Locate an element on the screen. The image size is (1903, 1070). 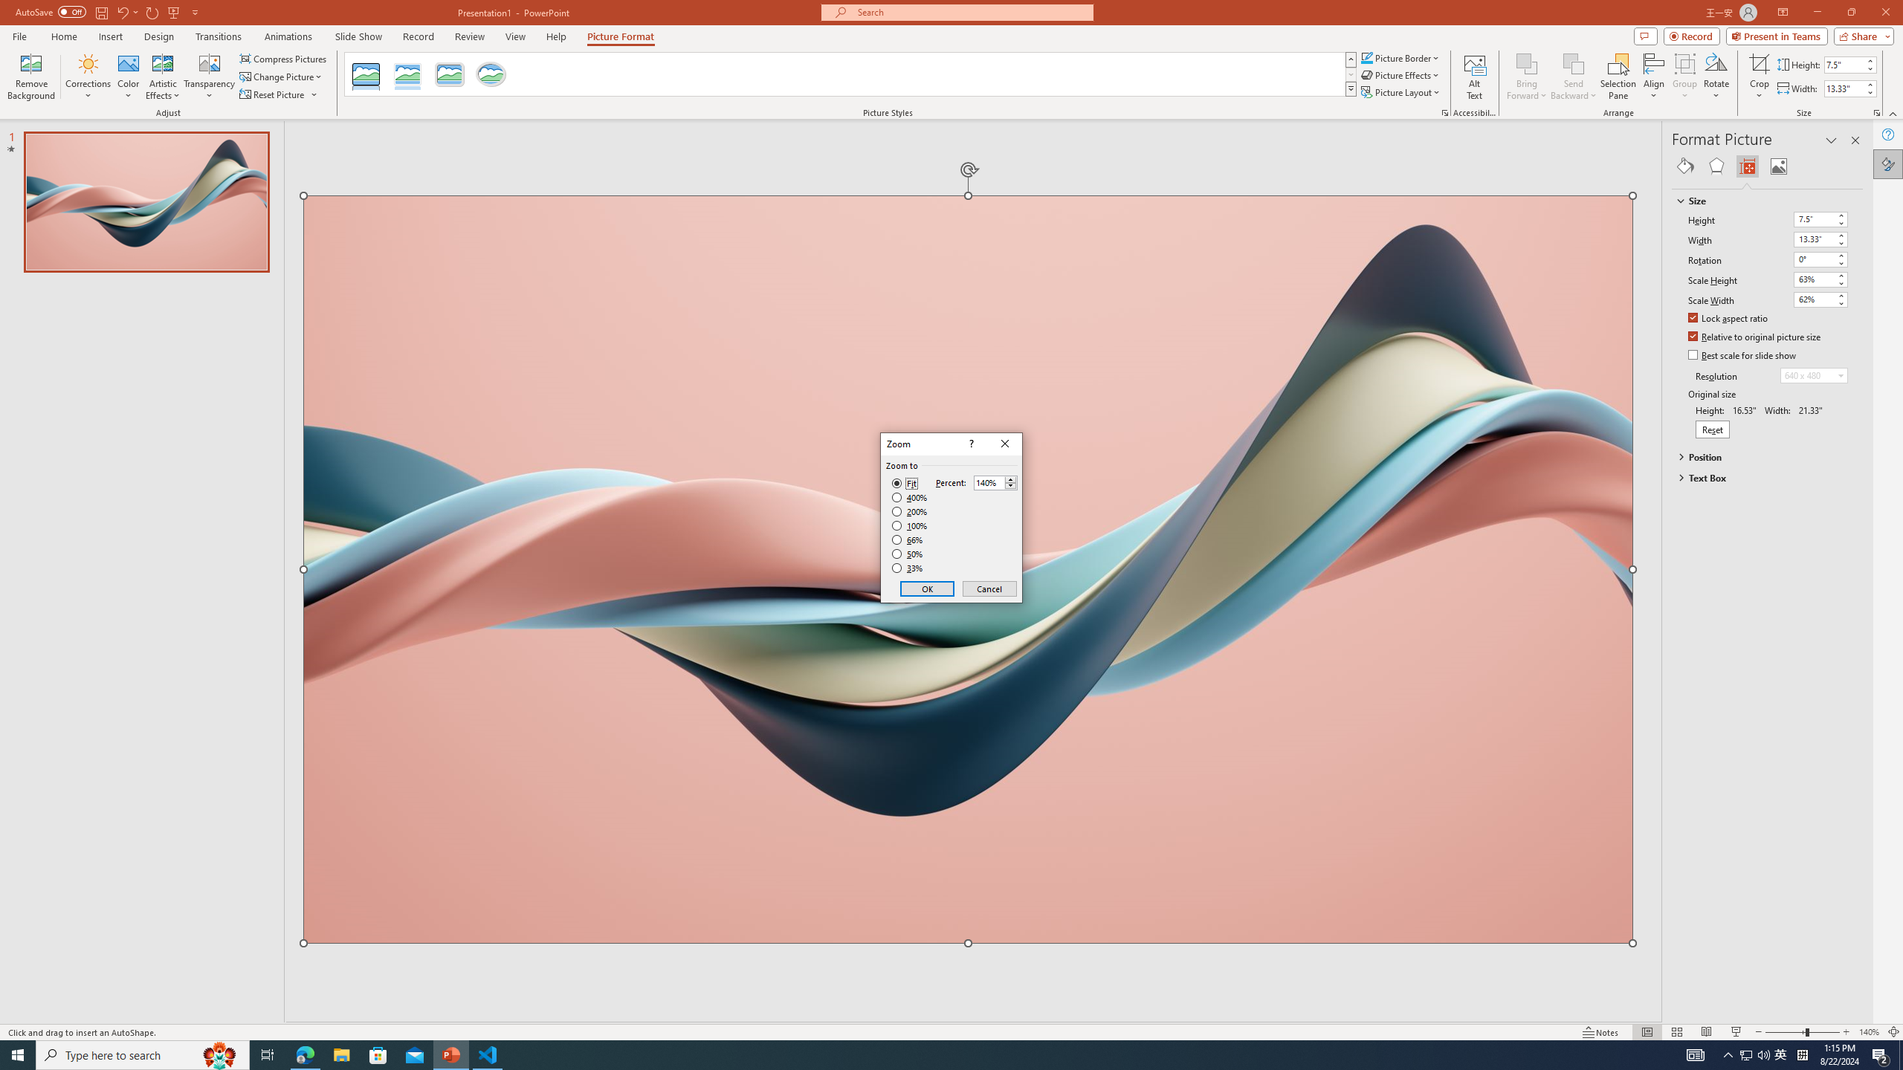
'Transparency' is located at coordinates (209, 77).